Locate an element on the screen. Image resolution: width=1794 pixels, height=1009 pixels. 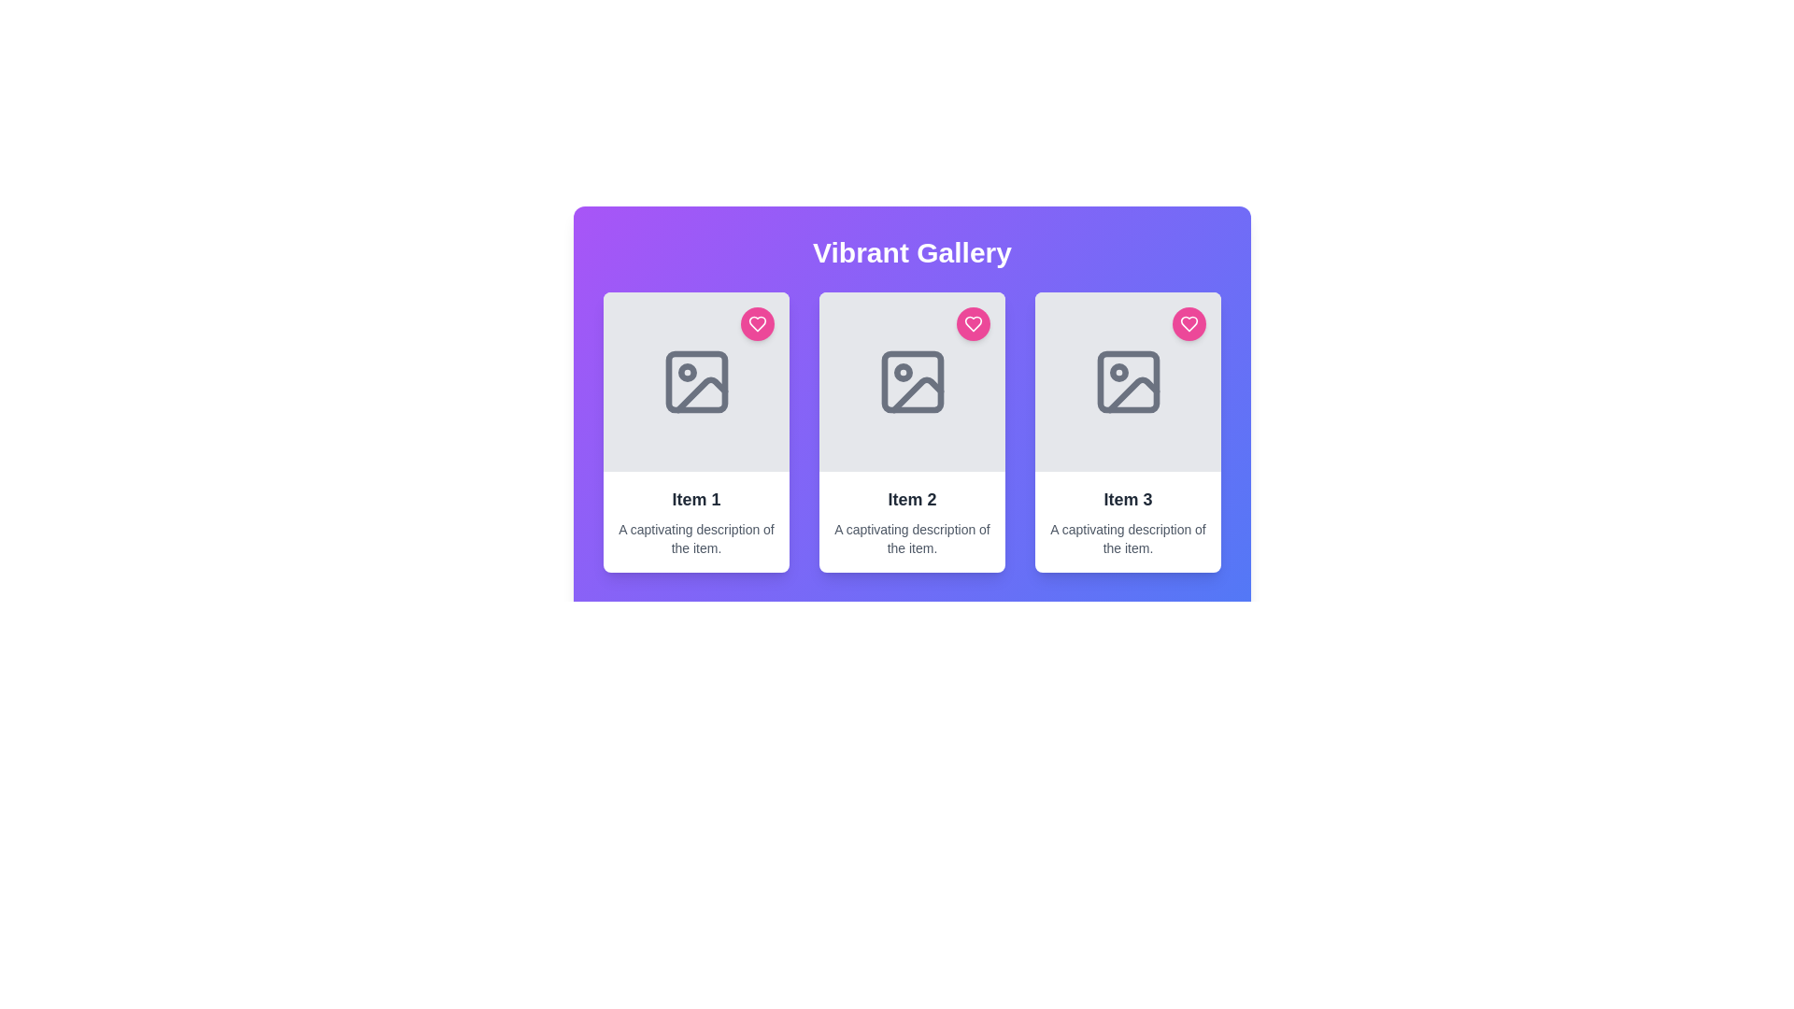
the Decorative Marker located inside the illustrative image placeholder of the 'Item 3' card in the gallery is located at coordinates (1118, 372).